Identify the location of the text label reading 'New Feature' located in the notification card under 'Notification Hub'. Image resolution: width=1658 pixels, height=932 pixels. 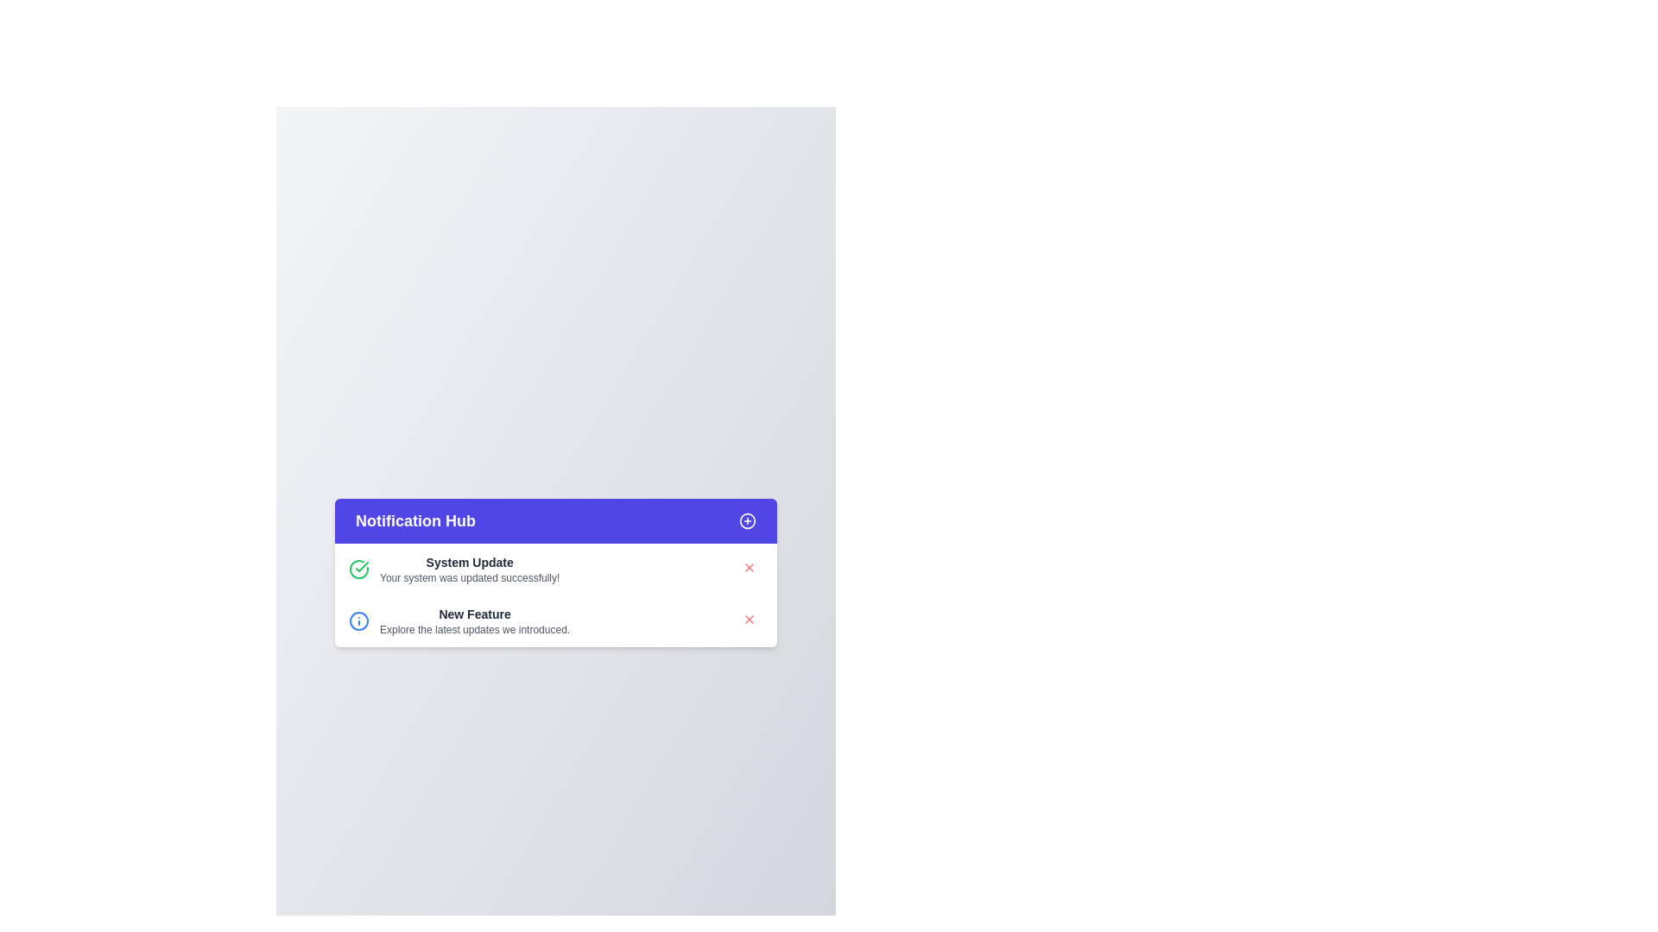
(475, 614).